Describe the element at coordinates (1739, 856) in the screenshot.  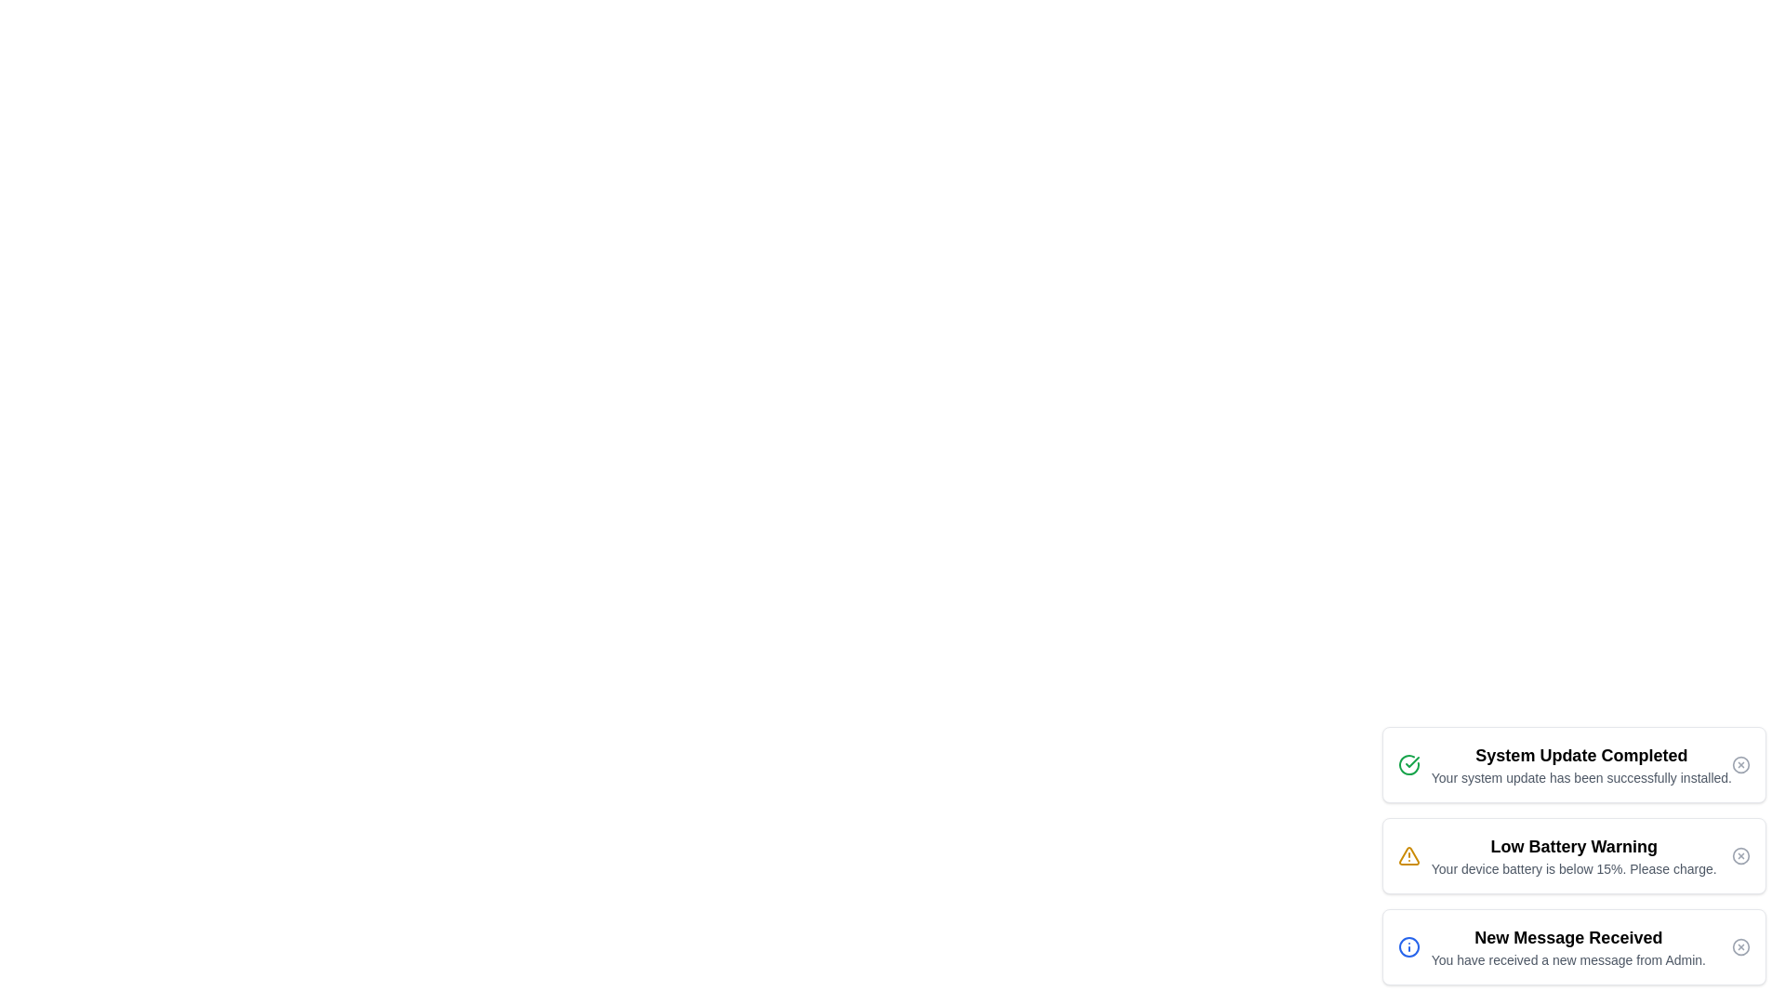
I see `the SVG graphic representing a circular shape in the second notification card labeled 'Low Battery Warning' to signify attention for the notification` at that location.